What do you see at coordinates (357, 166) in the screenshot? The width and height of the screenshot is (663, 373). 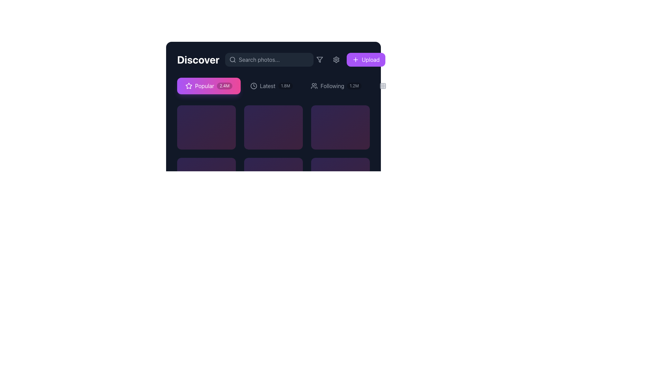 I see `the small circle-shaped button with a dark background and light-colored border located at the bottom-right corner of the card to bookmark it` at bounding box center [357, 166].